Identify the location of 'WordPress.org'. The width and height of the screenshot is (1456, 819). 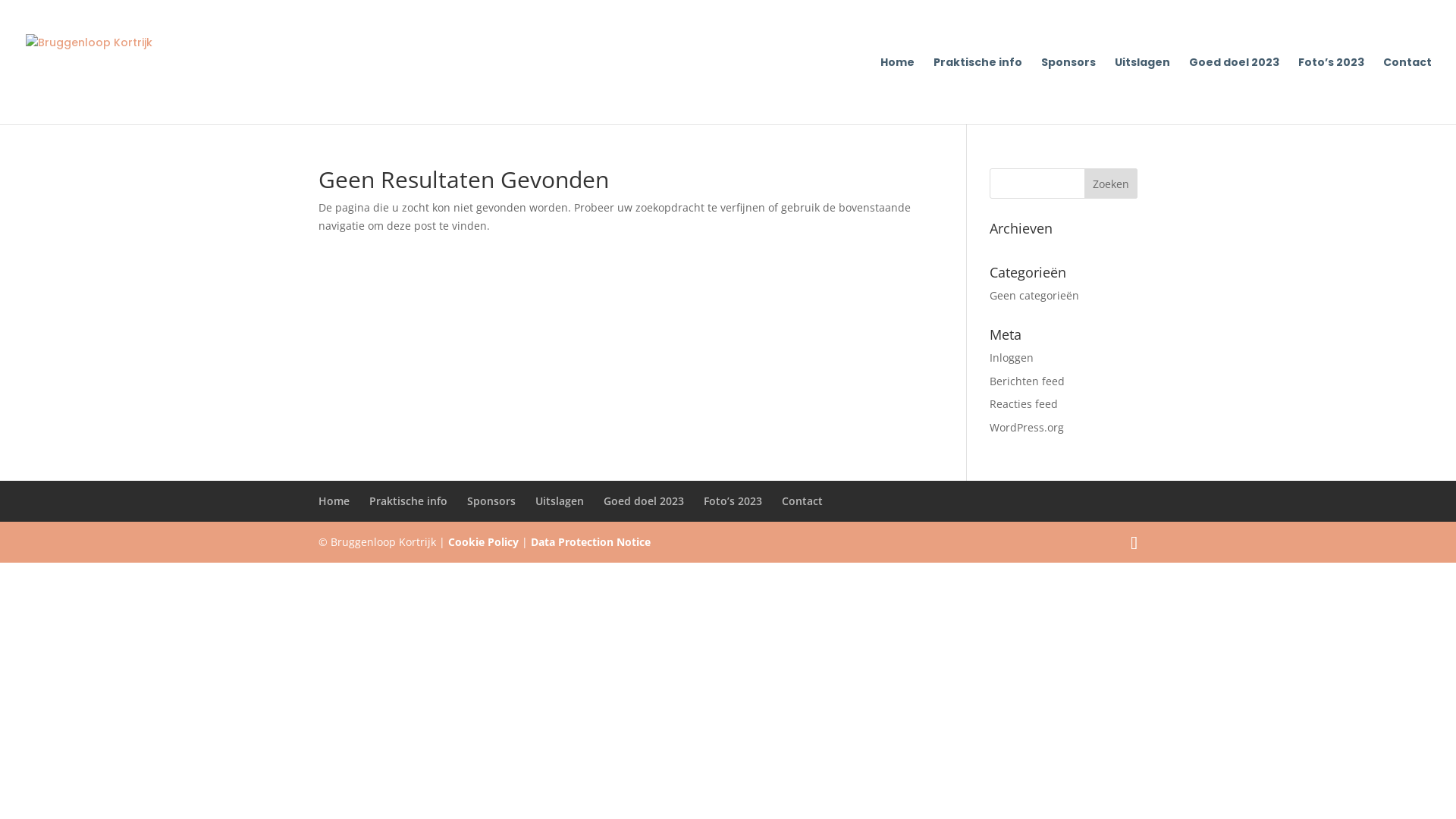
(1026, 427).